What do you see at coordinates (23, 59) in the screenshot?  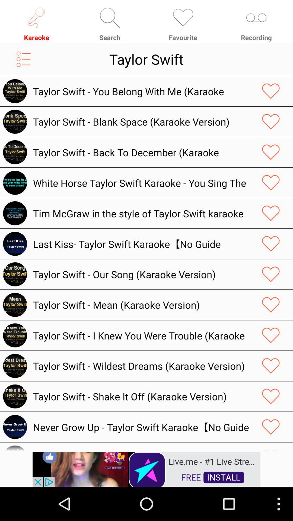 I see `open menu` at bounding box center [23, 59].